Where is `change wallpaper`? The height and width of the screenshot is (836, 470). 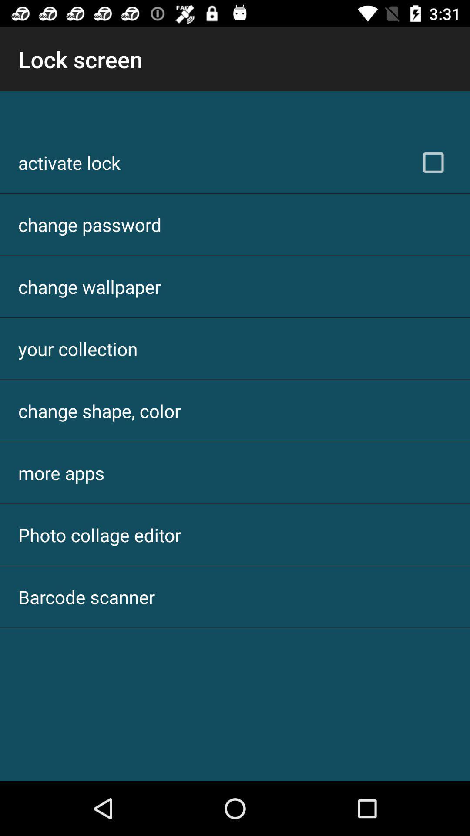
change wallpaper is located at coordinates (89, 287).